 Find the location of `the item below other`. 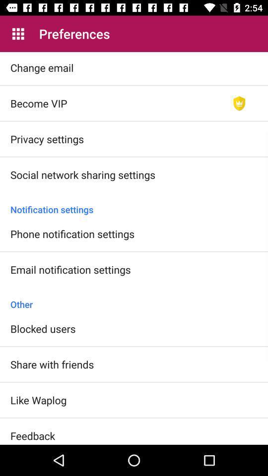

the item below other is located at coordinates (42, 328).